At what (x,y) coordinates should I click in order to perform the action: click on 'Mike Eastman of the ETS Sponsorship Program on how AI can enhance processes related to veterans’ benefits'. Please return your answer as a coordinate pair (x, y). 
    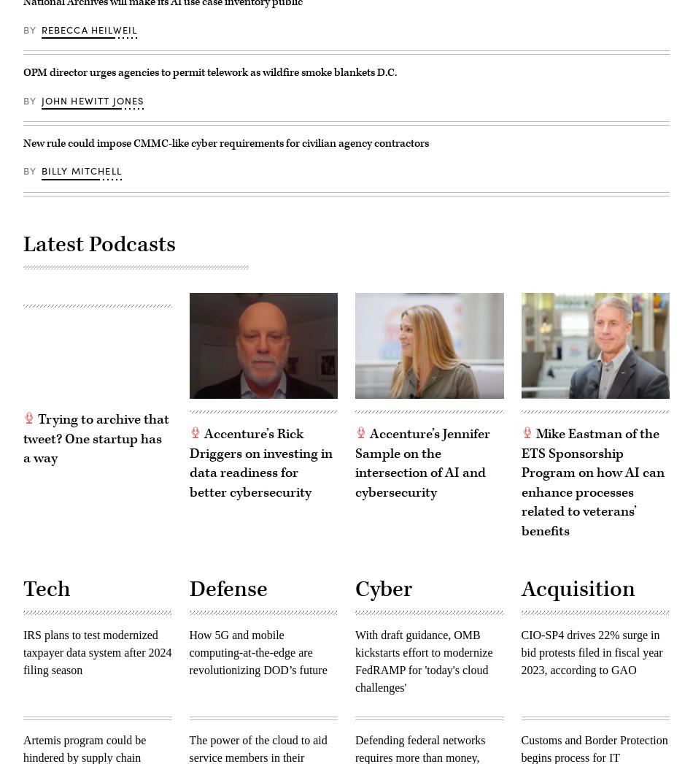
    Looking at the image, I should click on (591, 481).